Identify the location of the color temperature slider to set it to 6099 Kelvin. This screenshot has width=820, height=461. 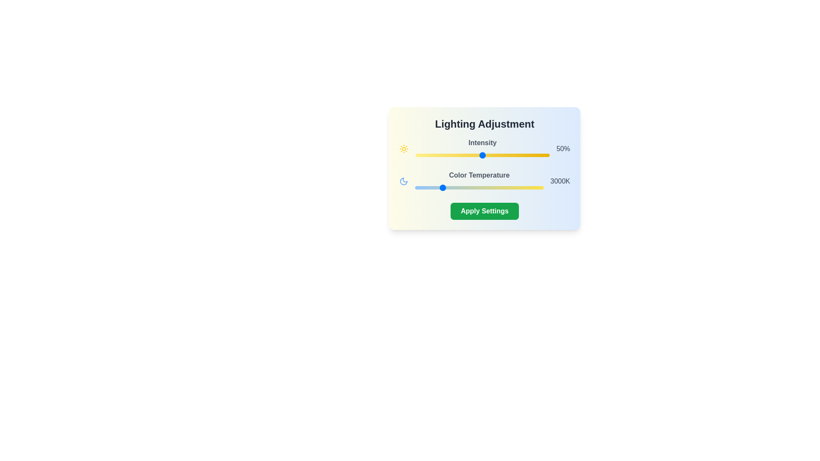
(519, 187).